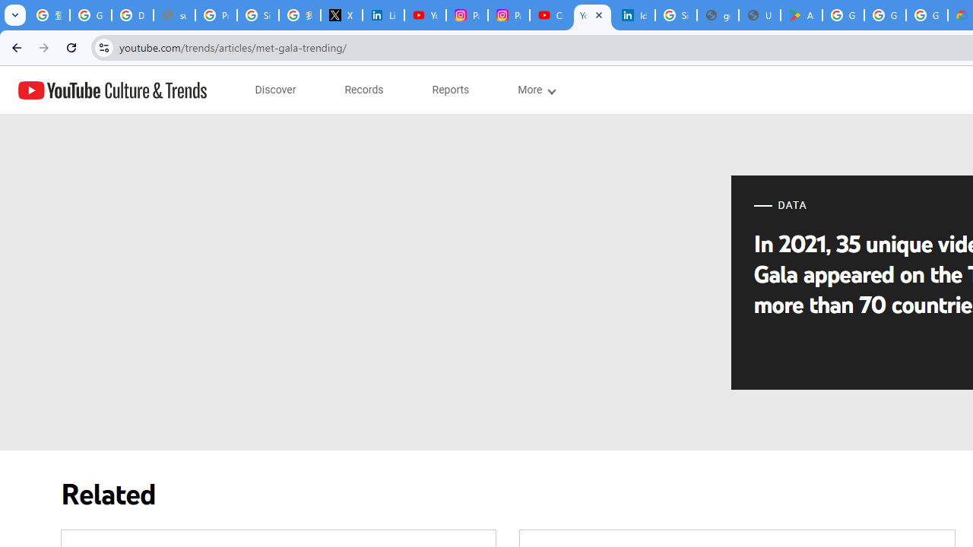  I want to click on 'JUMP TO CONTENT', so click(159, 90).